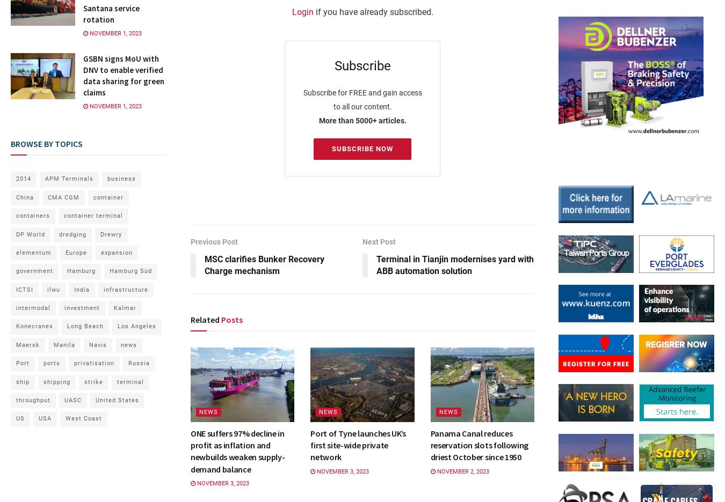 This screenshot has width=725, height=502. What do you see at coordinates (19, 418) in the screenshot?
I see `'US'` at bounding box center [19, 418].